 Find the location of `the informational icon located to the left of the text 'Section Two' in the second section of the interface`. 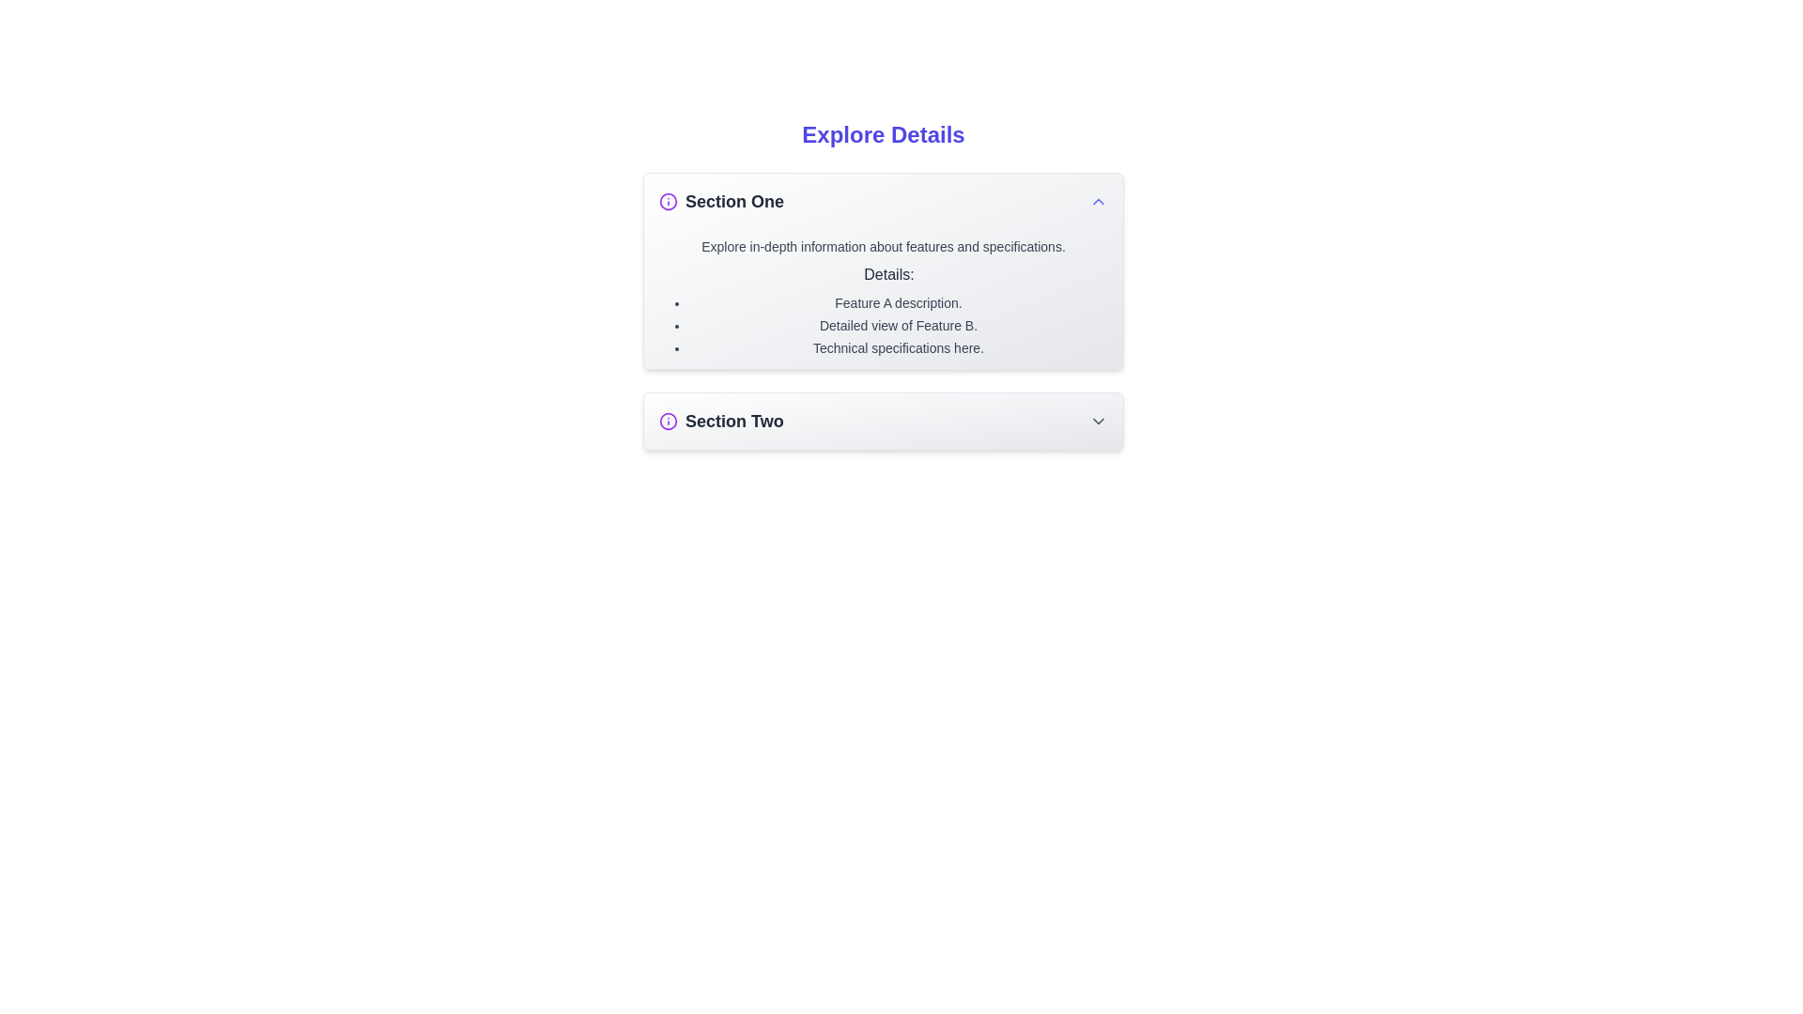

the informational icon located to the left of the text 'Section Two' in the second section of the interface is located at coordinates (668, 420).